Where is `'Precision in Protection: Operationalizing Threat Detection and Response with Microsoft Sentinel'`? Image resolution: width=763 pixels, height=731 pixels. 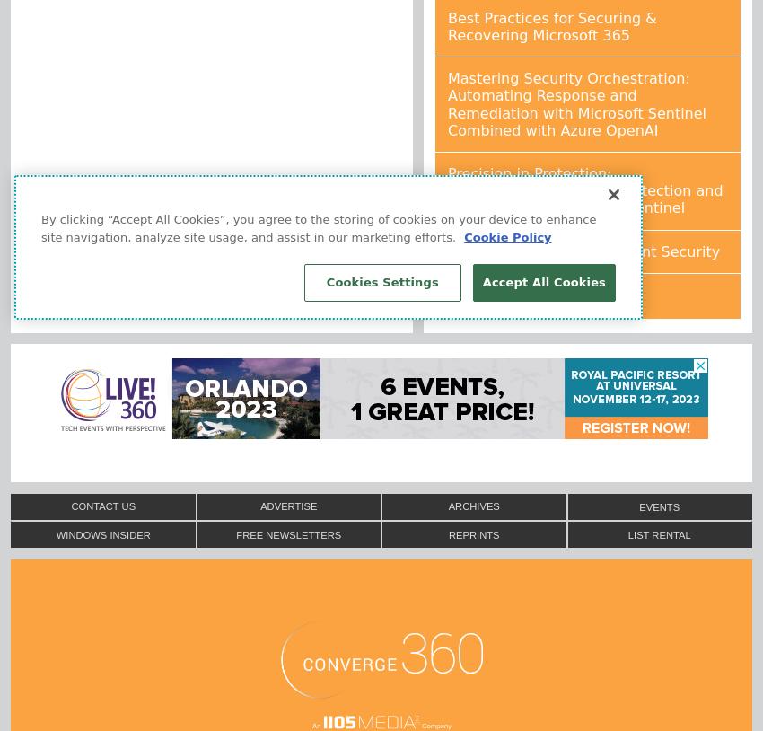
'Precision in Protection: Operationalizing Threat Detection and Response with Microsoft Sentinel' is located at coordinates (585, 190).